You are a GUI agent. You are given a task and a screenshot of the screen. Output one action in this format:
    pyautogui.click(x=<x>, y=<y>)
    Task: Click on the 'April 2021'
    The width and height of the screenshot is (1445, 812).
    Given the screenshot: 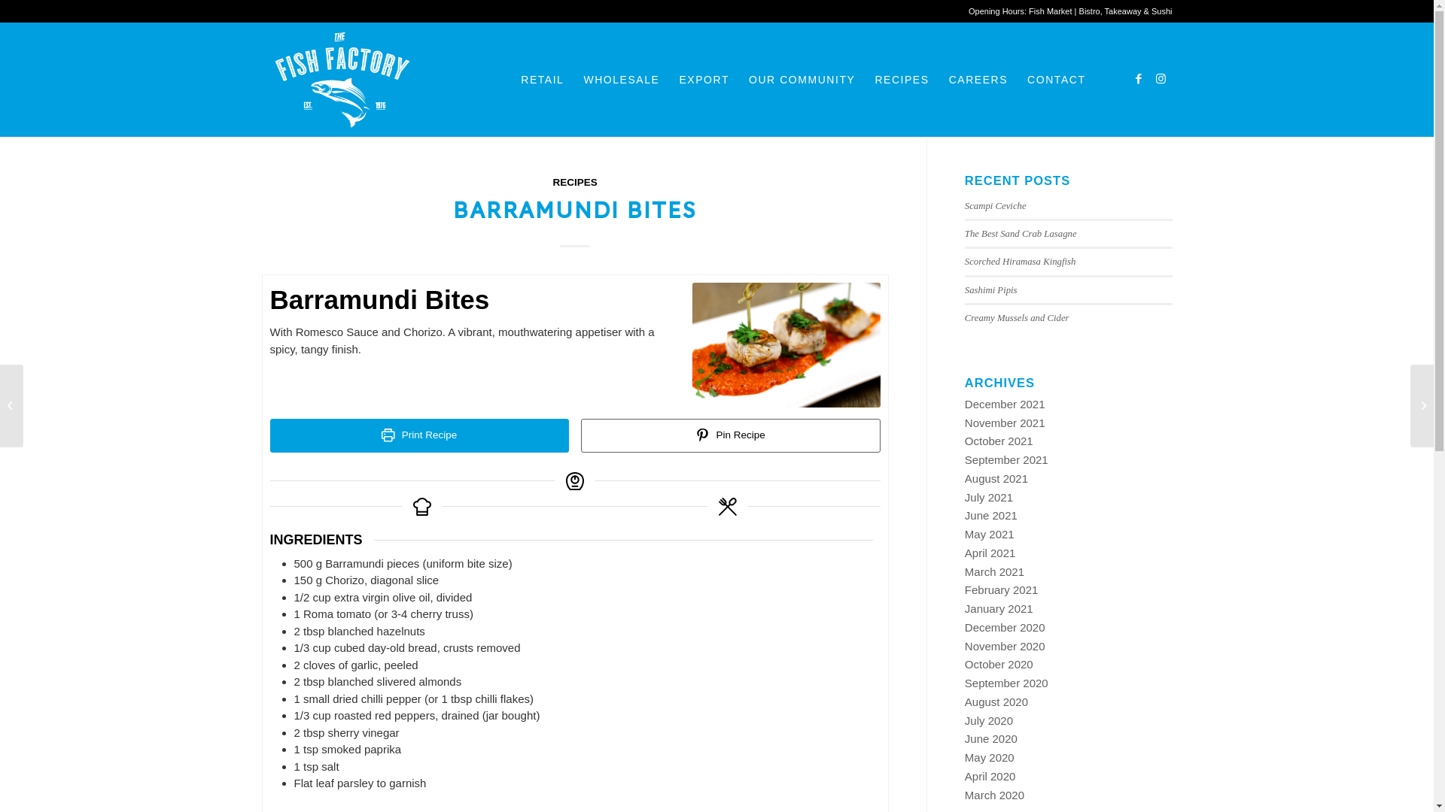 What is the action you would take?
    pyautogui.click(x=990, y=553)
    